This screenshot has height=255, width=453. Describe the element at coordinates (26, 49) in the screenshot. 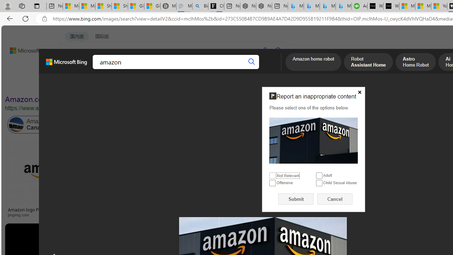

I see `'Back to Bing search'` at that location.